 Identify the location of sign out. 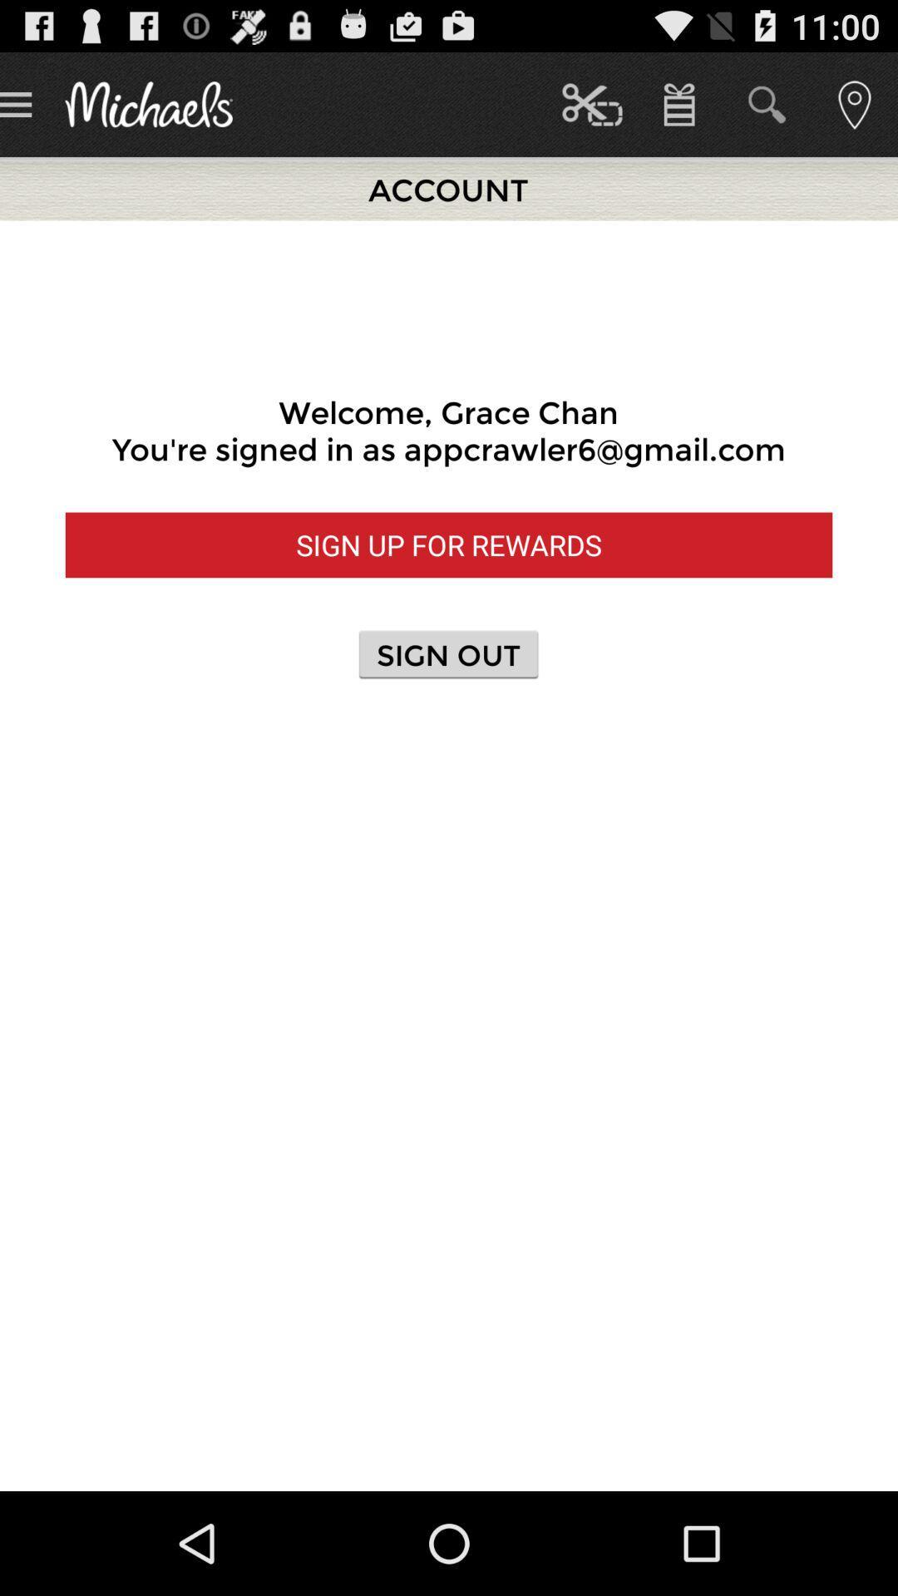
(449, 653).